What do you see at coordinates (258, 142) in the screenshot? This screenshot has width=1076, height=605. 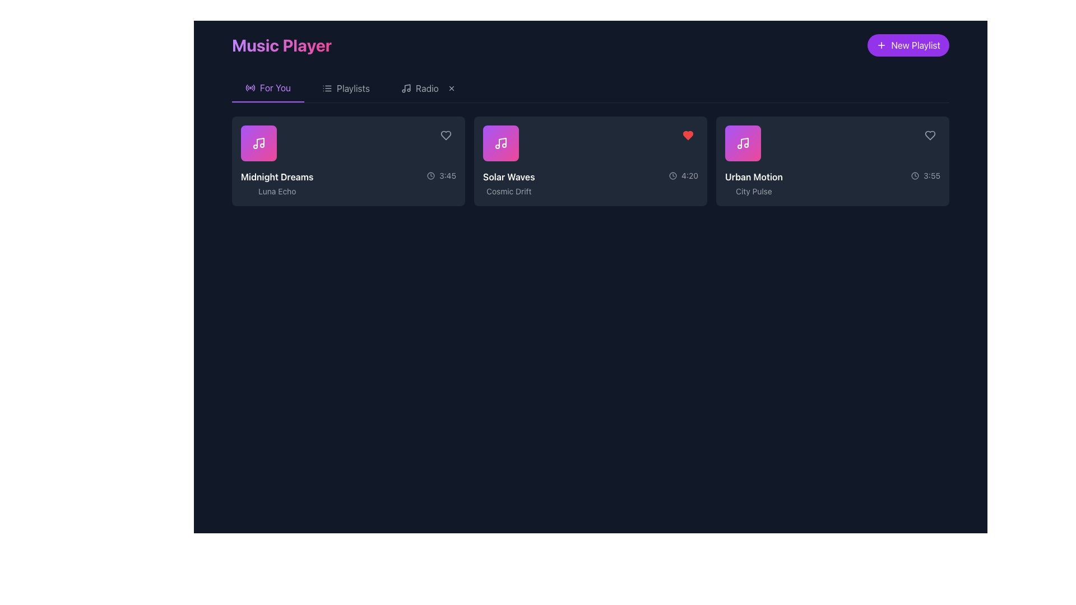 I see `the music file icon located at the top left of the media grid, which is represented by a square card-like area` at bounding box center [258, 142].